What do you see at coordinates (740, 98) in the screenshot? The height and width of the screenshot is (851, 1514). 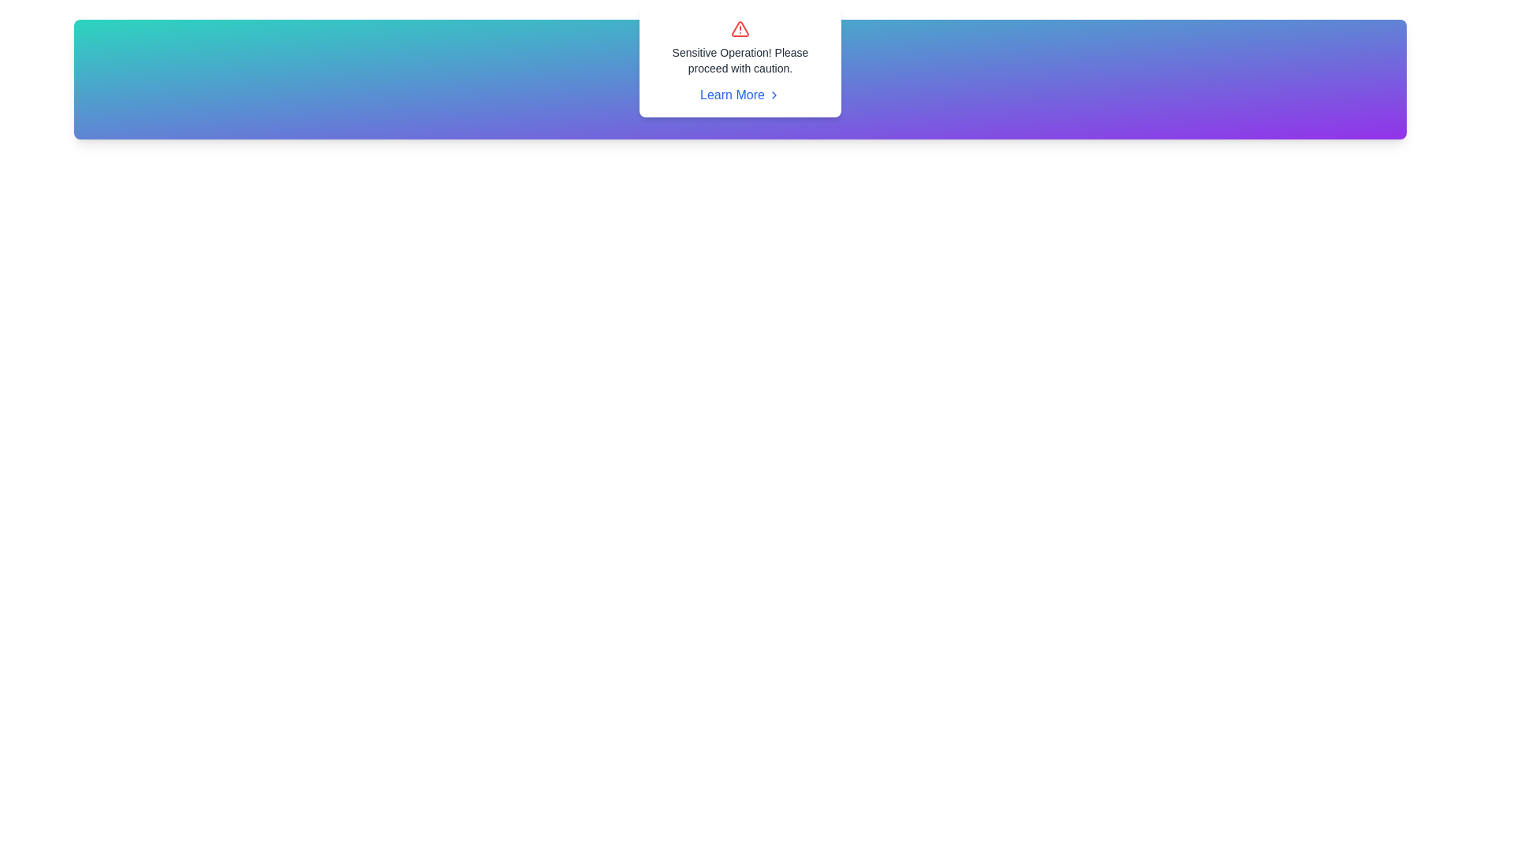 I see `the hyperlink located centrally in the pop-up alert box, which follows the text 'Sensitive Operation! Please proceed with caution', to underline the text` at bounding box center [740, 98].